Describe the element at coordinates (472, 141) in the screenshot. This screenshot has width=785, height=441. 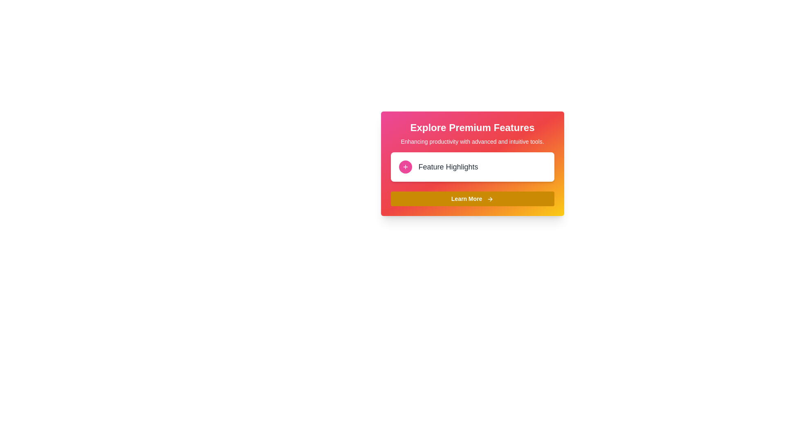
I see `the text label that provides additional details about the features or context of the section, located below the heading 'Explore Premium Features' and above the 'Feature Highlights' box` at that location.